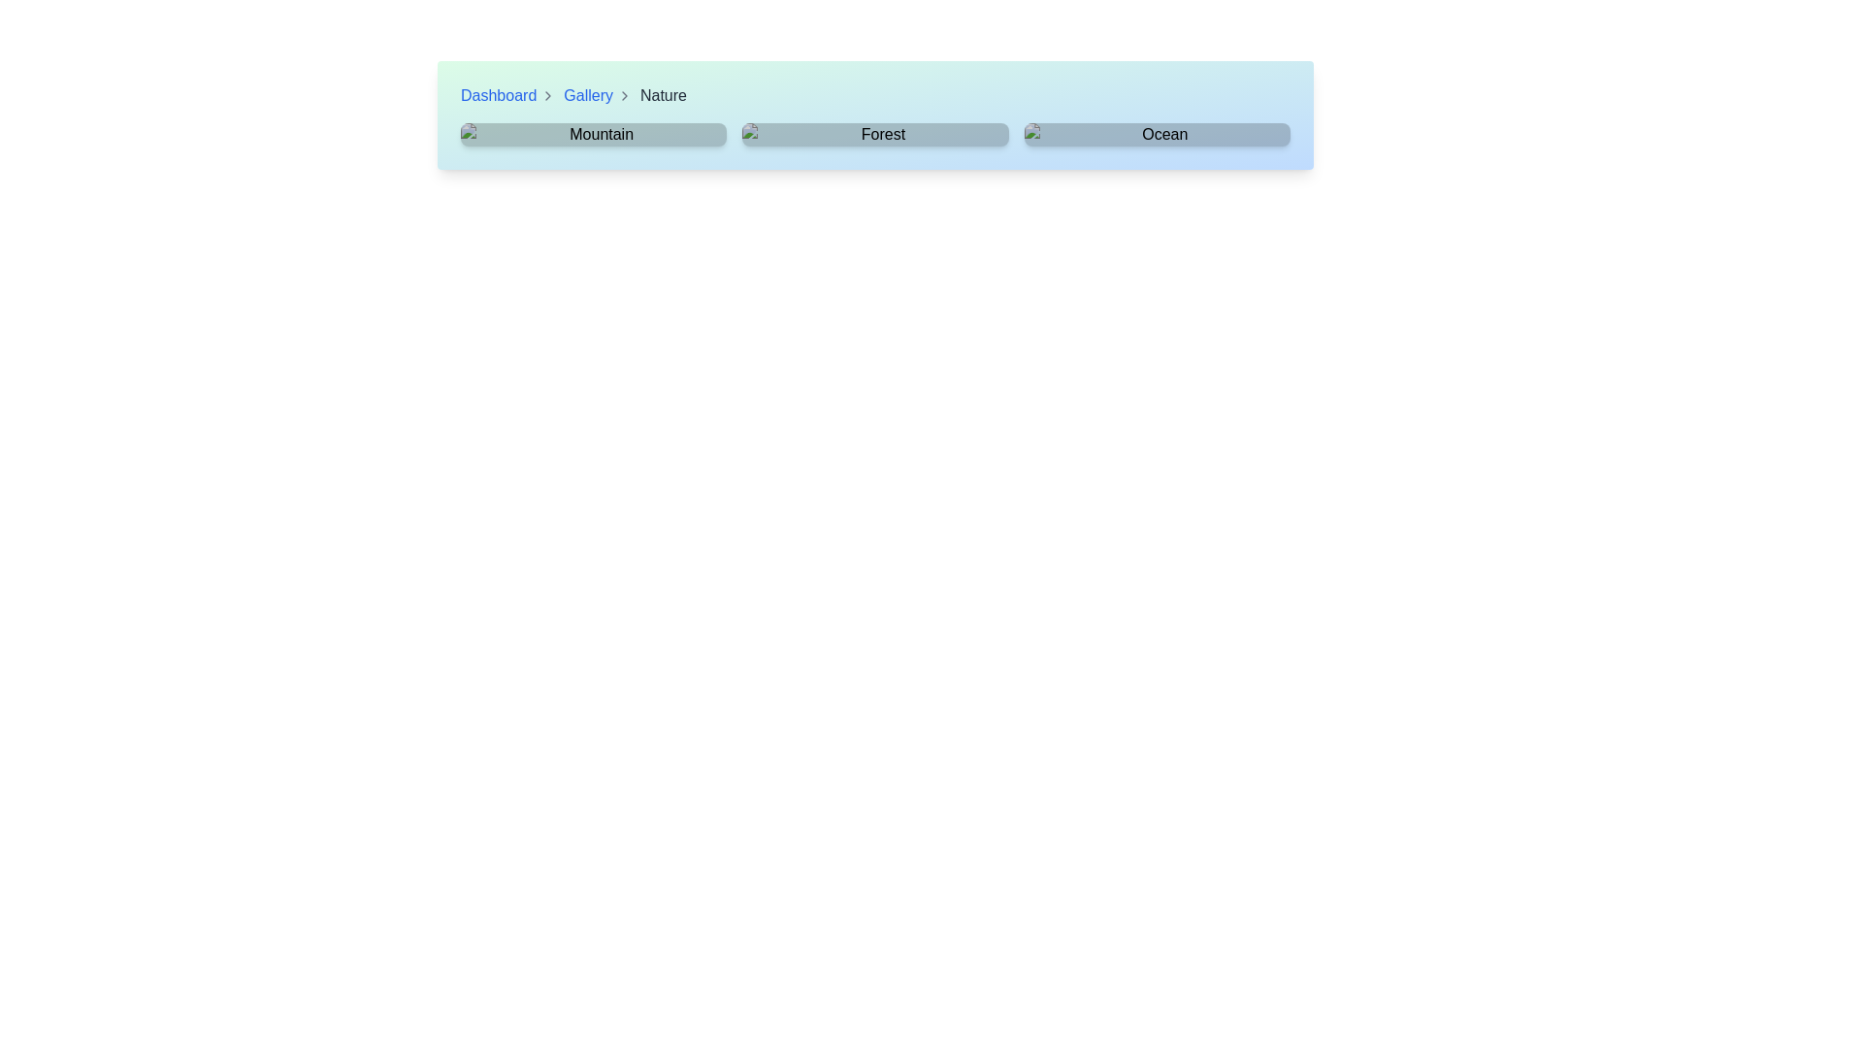  What do you see at coordinates (597, 96) in the screenshot?
I see `the breadcrumb link for 'Gallery' located in the middle of the breadcrumb navigation bar` at bounding box center [597, 96].